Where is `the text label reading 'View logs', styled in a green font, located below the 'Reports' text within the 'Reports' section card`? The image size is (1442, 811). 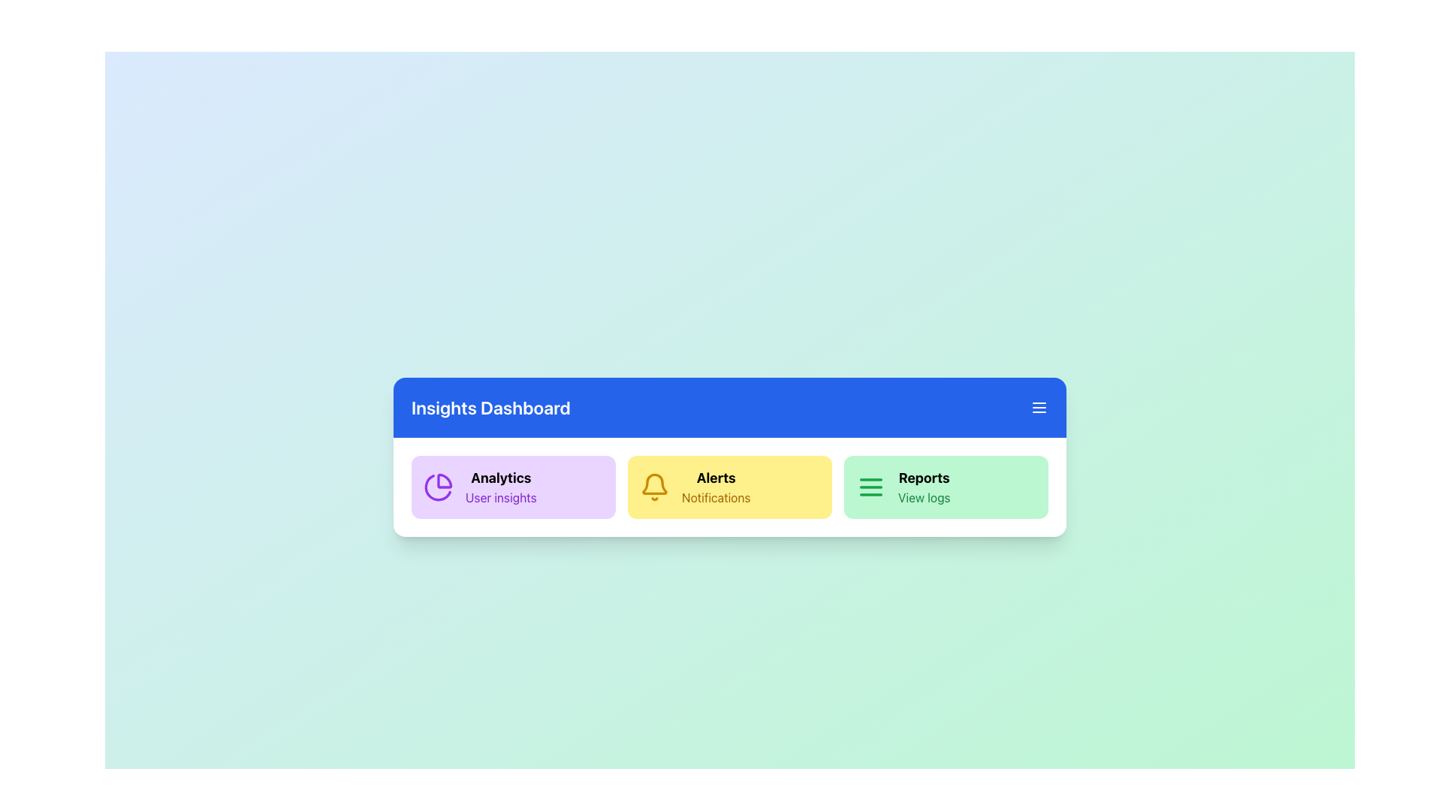
the text label reading 'View logs', styled in a green font, located below the 'Reports' text within the 'Reports' section card is located at coordinates (923, 498).